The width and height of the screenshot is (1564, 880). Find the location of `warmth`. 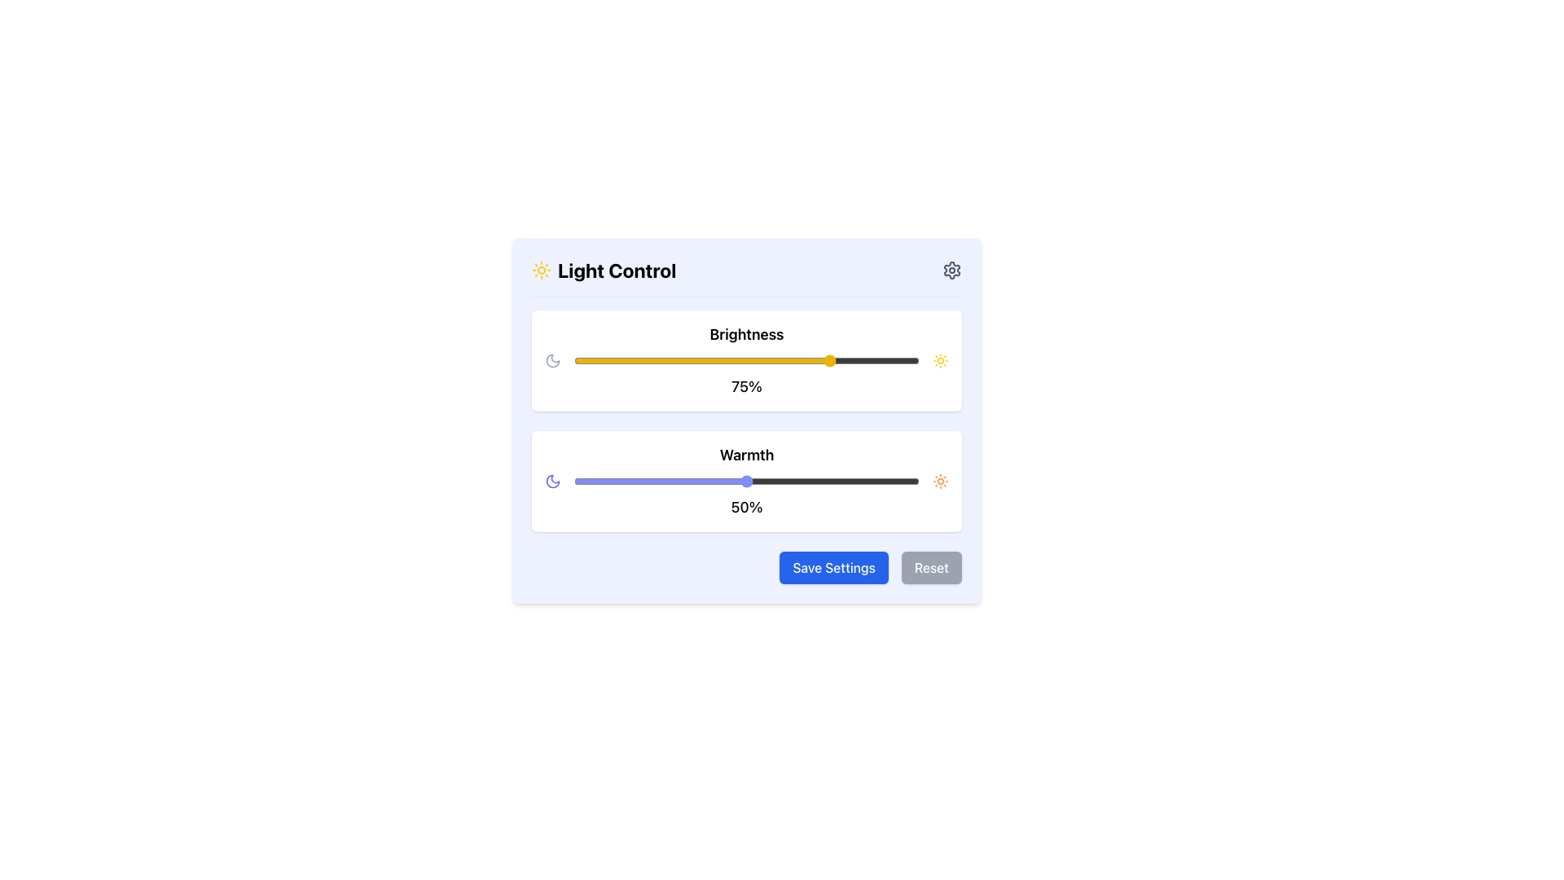

warmth is located at coordinates (792, 480).